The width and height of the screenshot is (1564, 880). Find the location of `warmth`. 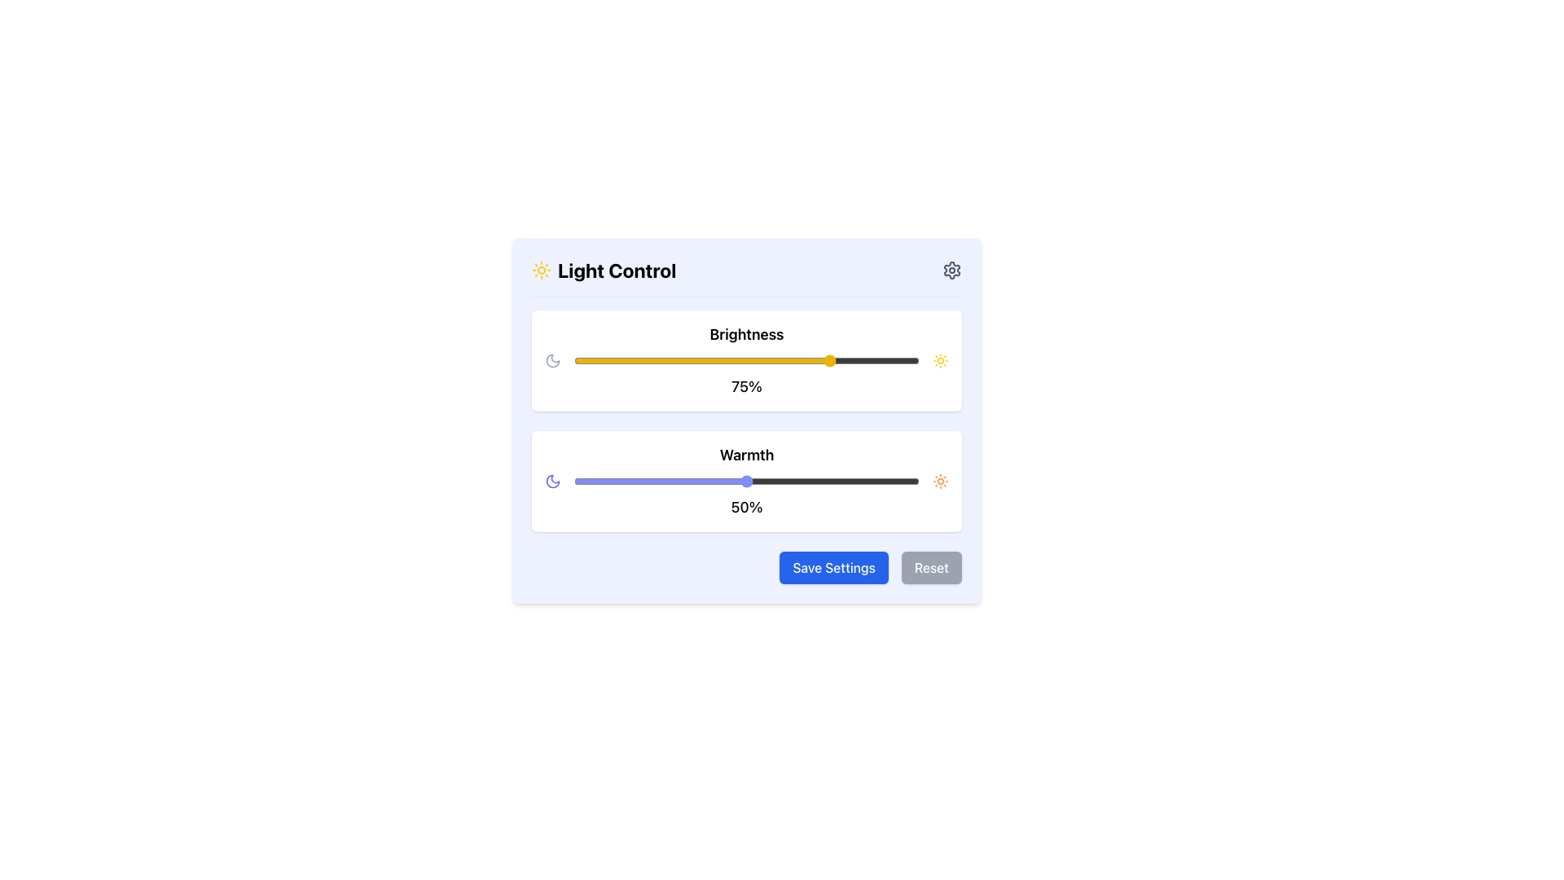

warmth is located at coordinates (792, 480).